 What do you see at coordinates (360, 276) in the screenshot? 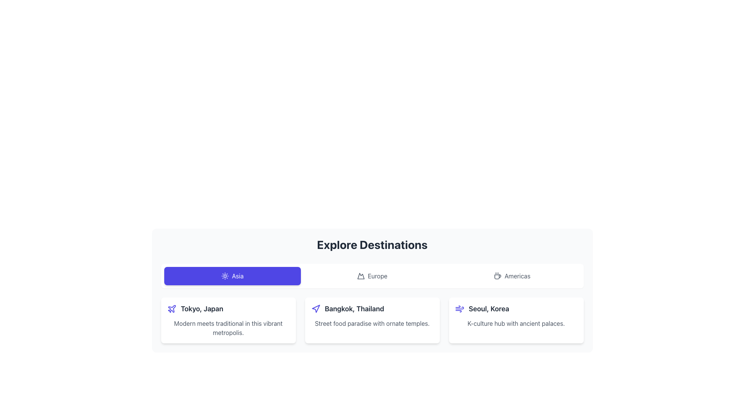
I see `the 'Europe' tab icon located in the middle section of the navigation menu` at bounding box center [360, 276].